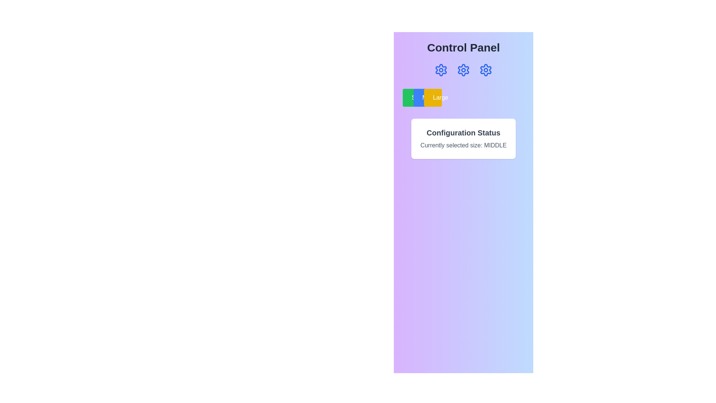 The image size is (716, 403). Describe the element at coordinates (463, 70) in the screenshot. I see `the blue settings icon, which is a cogwheel shape and the second in a horizontal group of three icons` at that location.